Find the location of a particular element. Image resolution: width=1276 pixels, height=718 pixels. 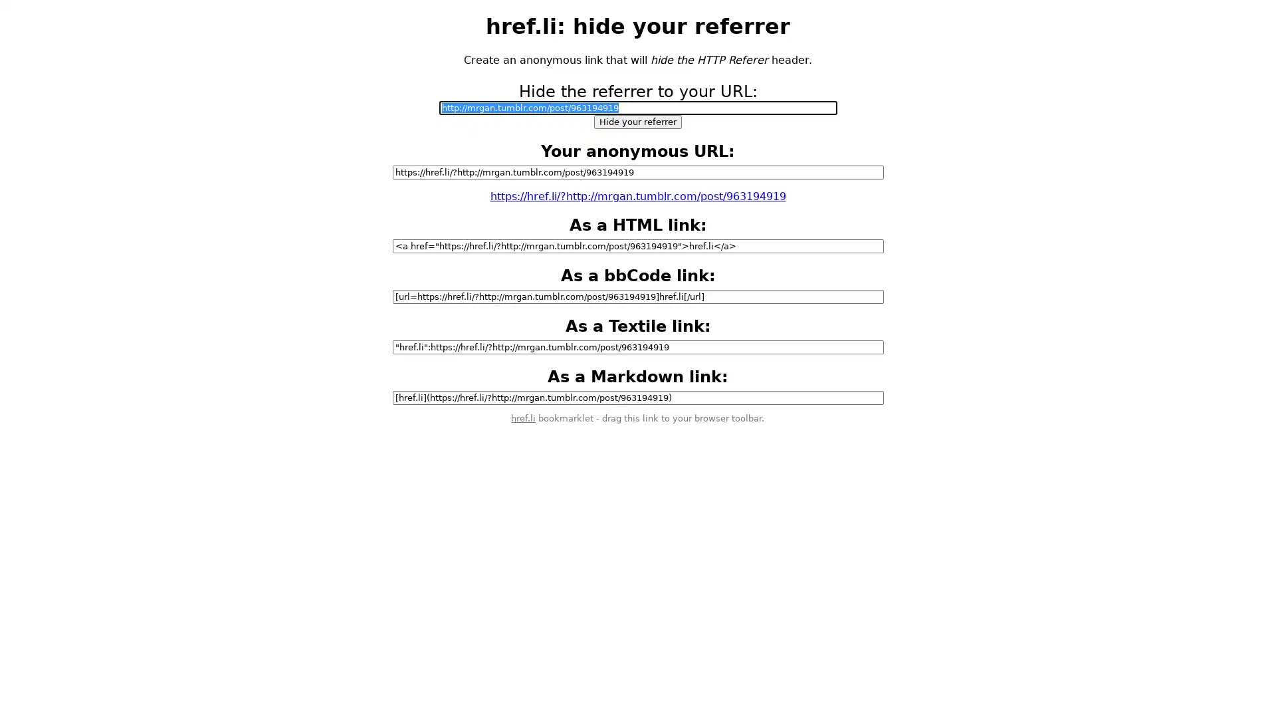

Hide your referrer is located at coordinates (638, 121).